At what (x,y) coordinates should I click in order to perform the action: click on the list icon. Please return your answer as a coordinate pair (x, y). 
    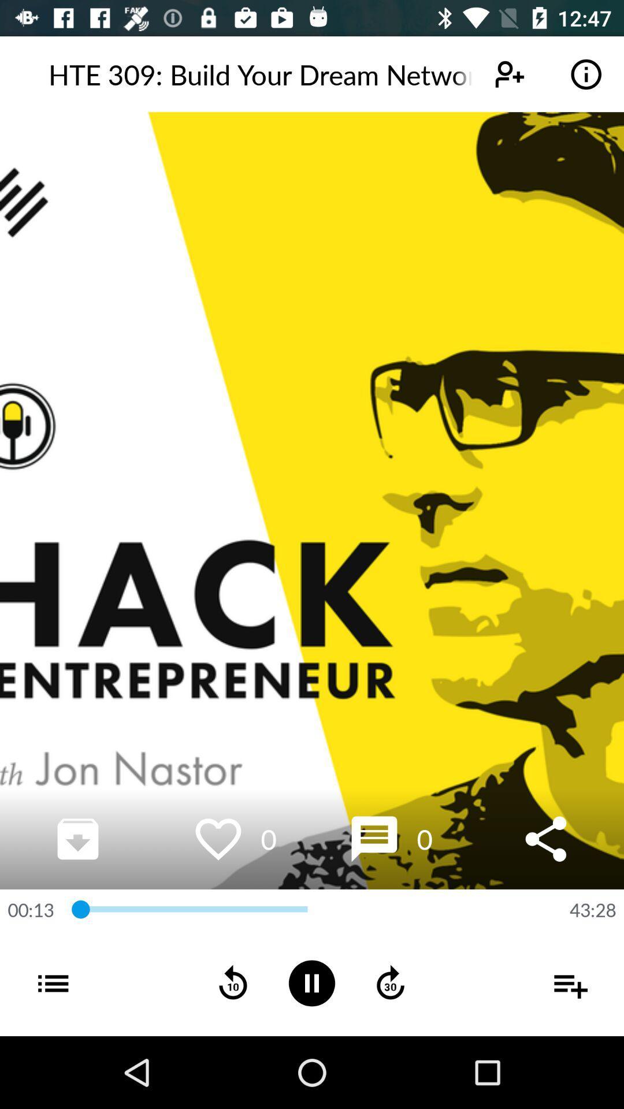
    Looking at the image, I should click on (37, 998).